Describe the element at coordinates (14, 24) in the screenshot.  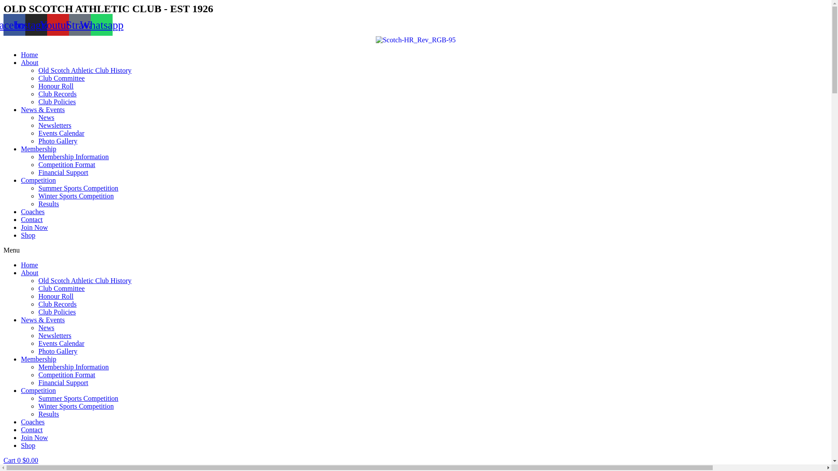
I see `'Facebook'` at that location.